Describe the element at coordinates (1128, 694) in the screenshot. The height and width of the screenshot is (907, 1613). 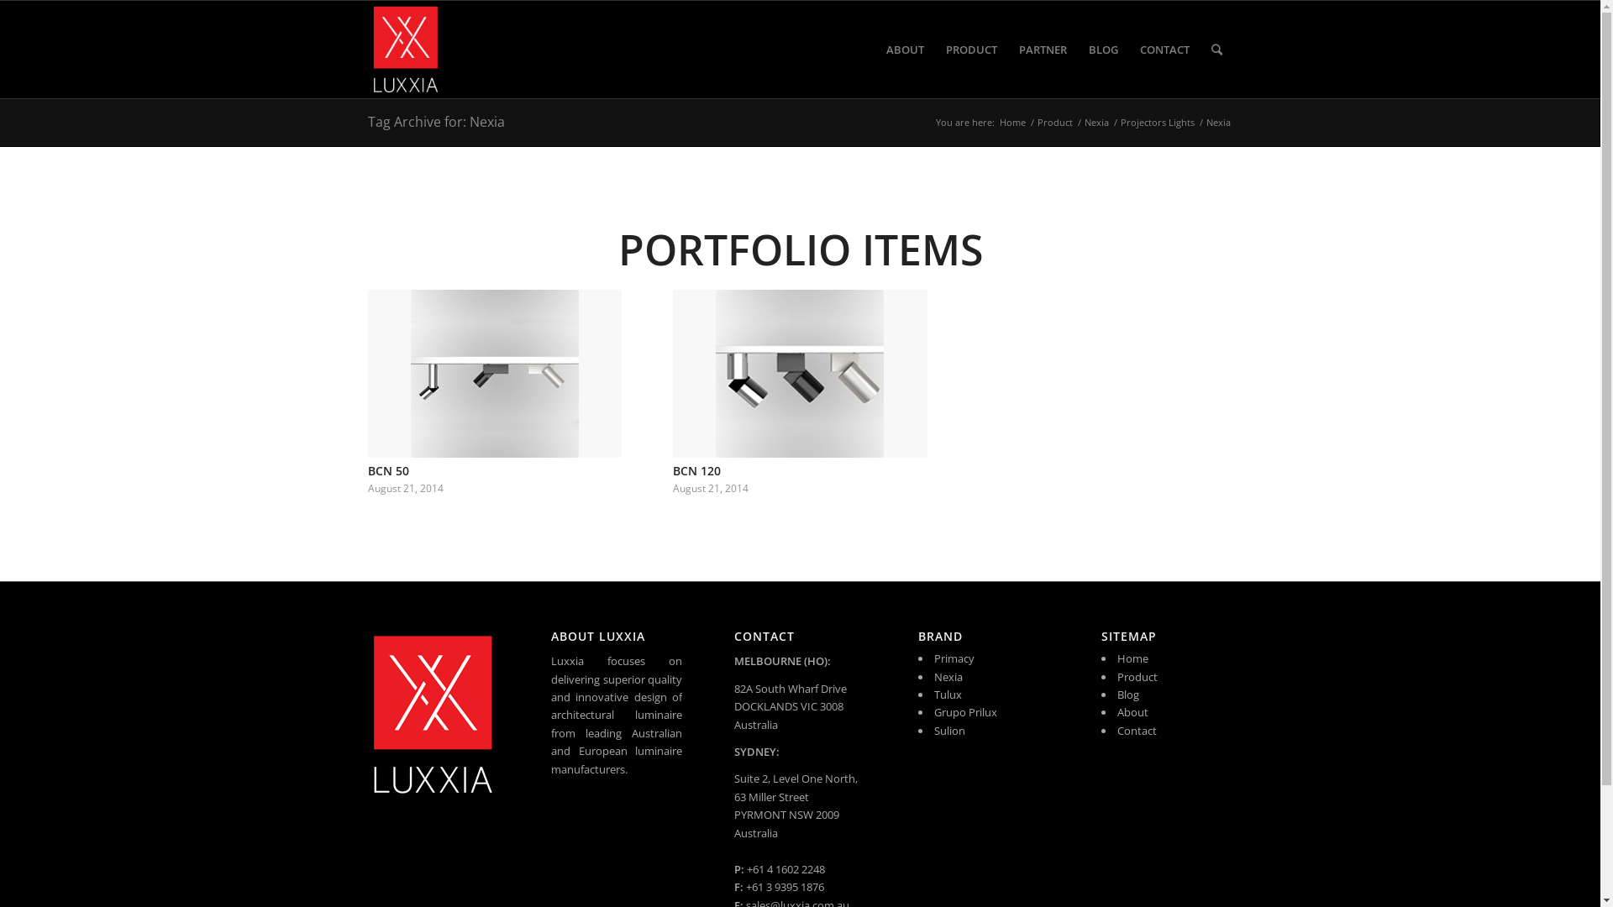
I see `'Blog'` at that location.